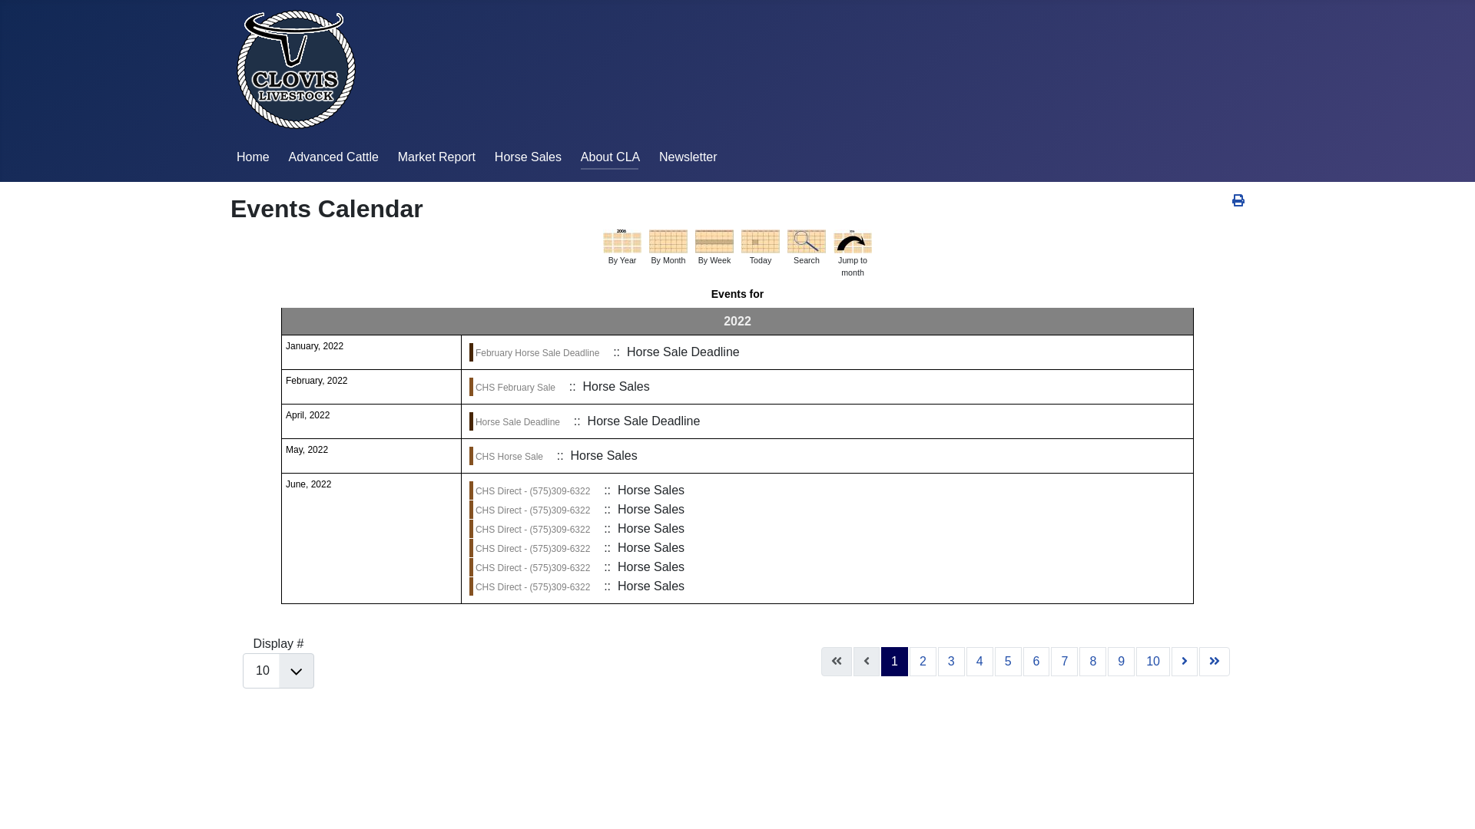 Image resolution: width=1475 pixels, height=829 pixels. What do you see at coordinates (741, 240) in the screenshot?
I see `'Today'` at bounding box center [741, 240].